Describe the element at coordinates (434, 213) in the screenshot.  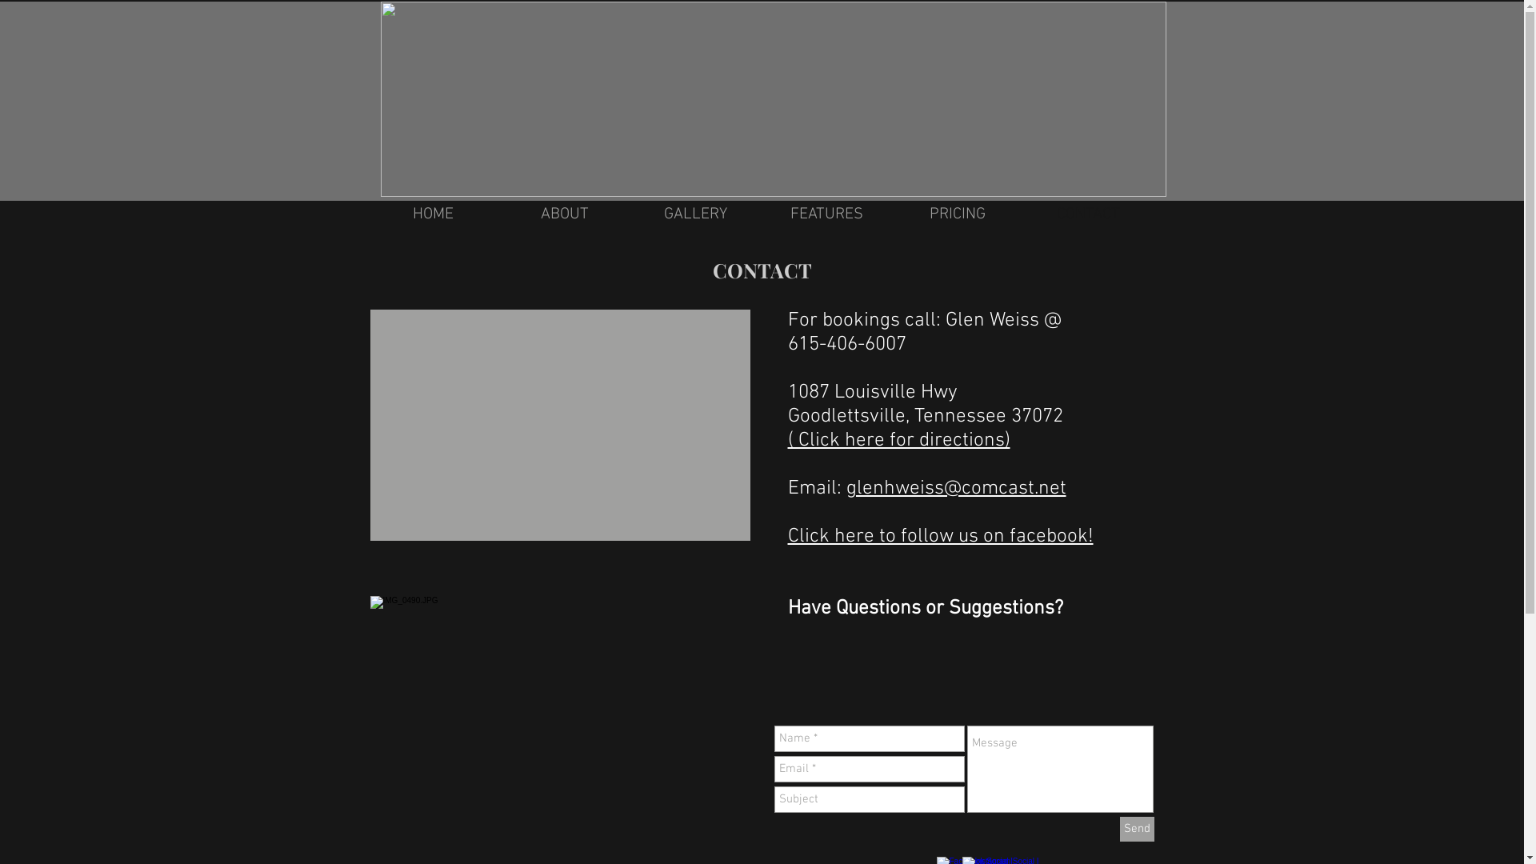
I see `'HOME'` at that location.